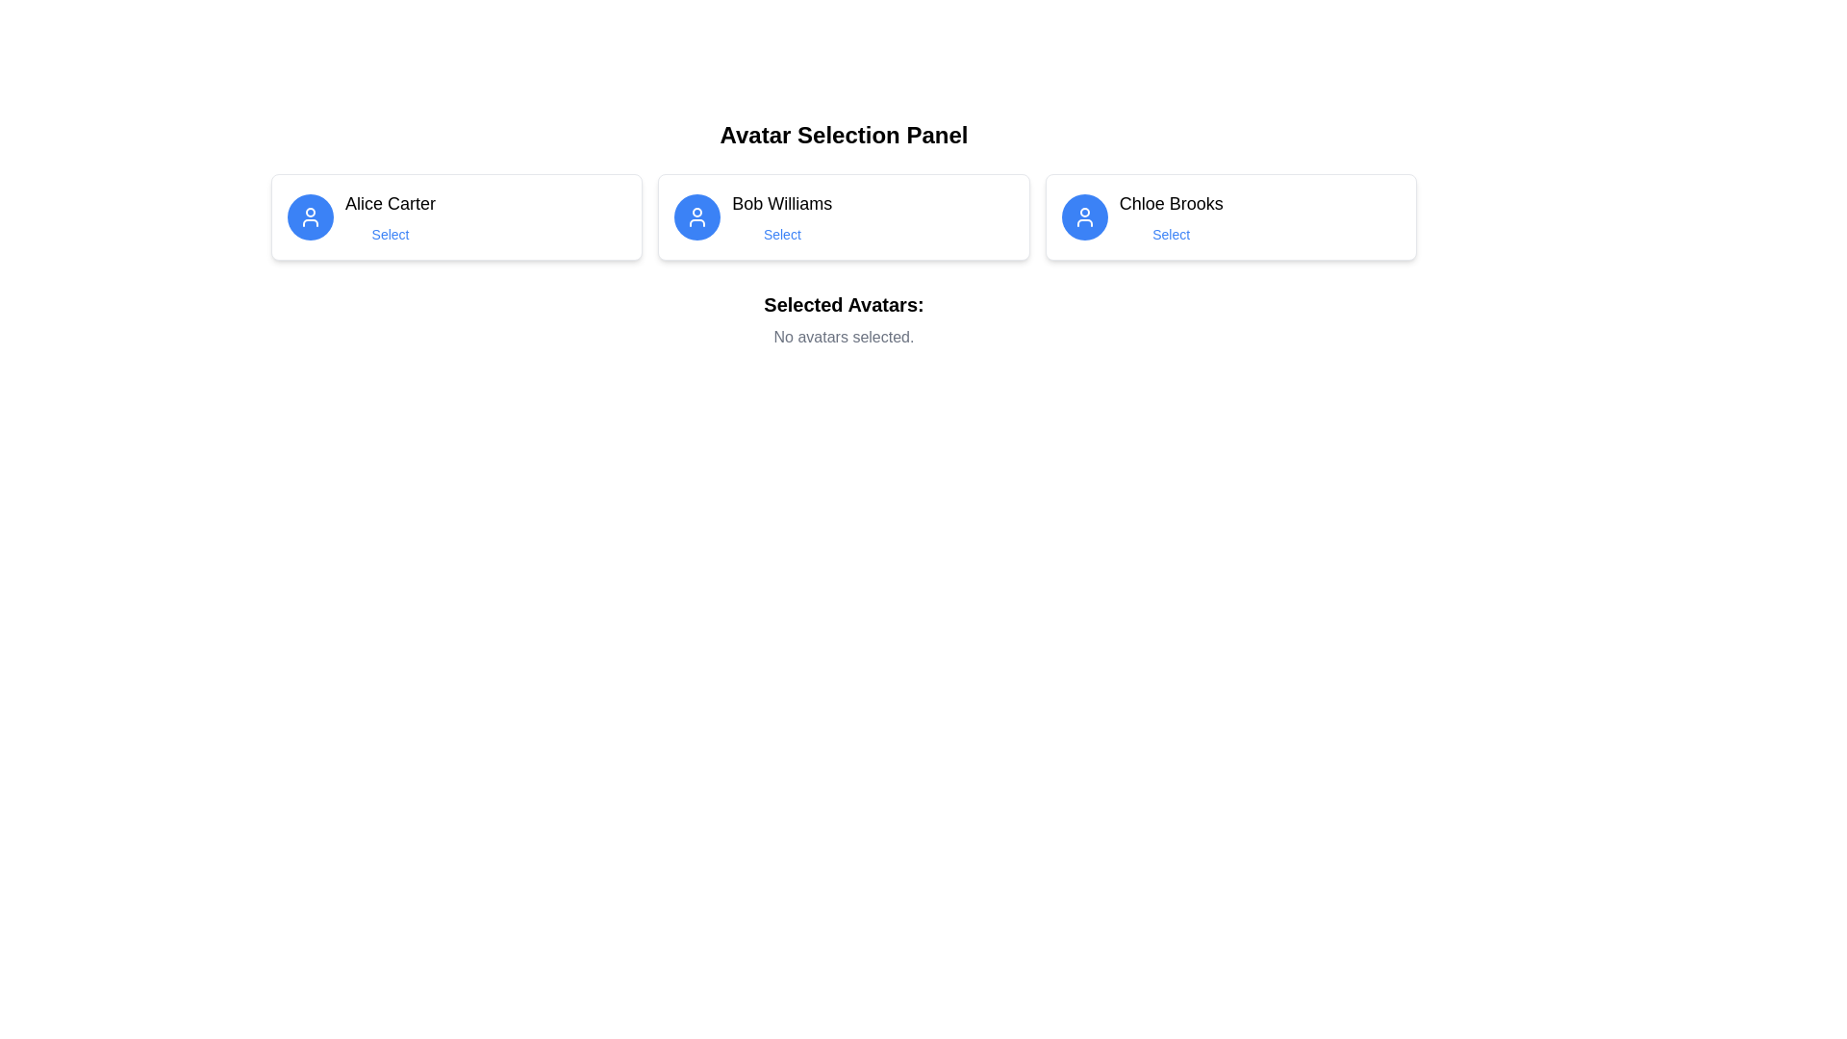 This screenshot has height=1039, width=1847. Describe the element at coordinates (782, 233) in the screenshot. I see `the 'Select' button located below 'Bob Williams' to change its color to a darker blue` at that location.